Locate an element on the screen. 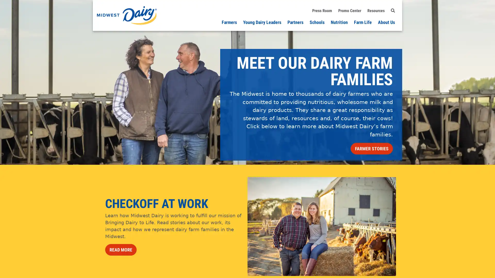 Image resolution: width=495 pixels, height=278 pixels. READ MORE is located at coordinates (121, 249).